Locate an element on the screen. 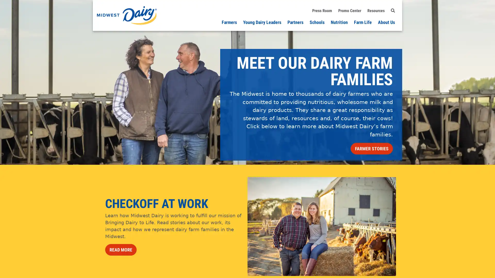 Image resolution: width=495 pixels, height=278 pixels. READ MORE is located at coordinates (121, 249).